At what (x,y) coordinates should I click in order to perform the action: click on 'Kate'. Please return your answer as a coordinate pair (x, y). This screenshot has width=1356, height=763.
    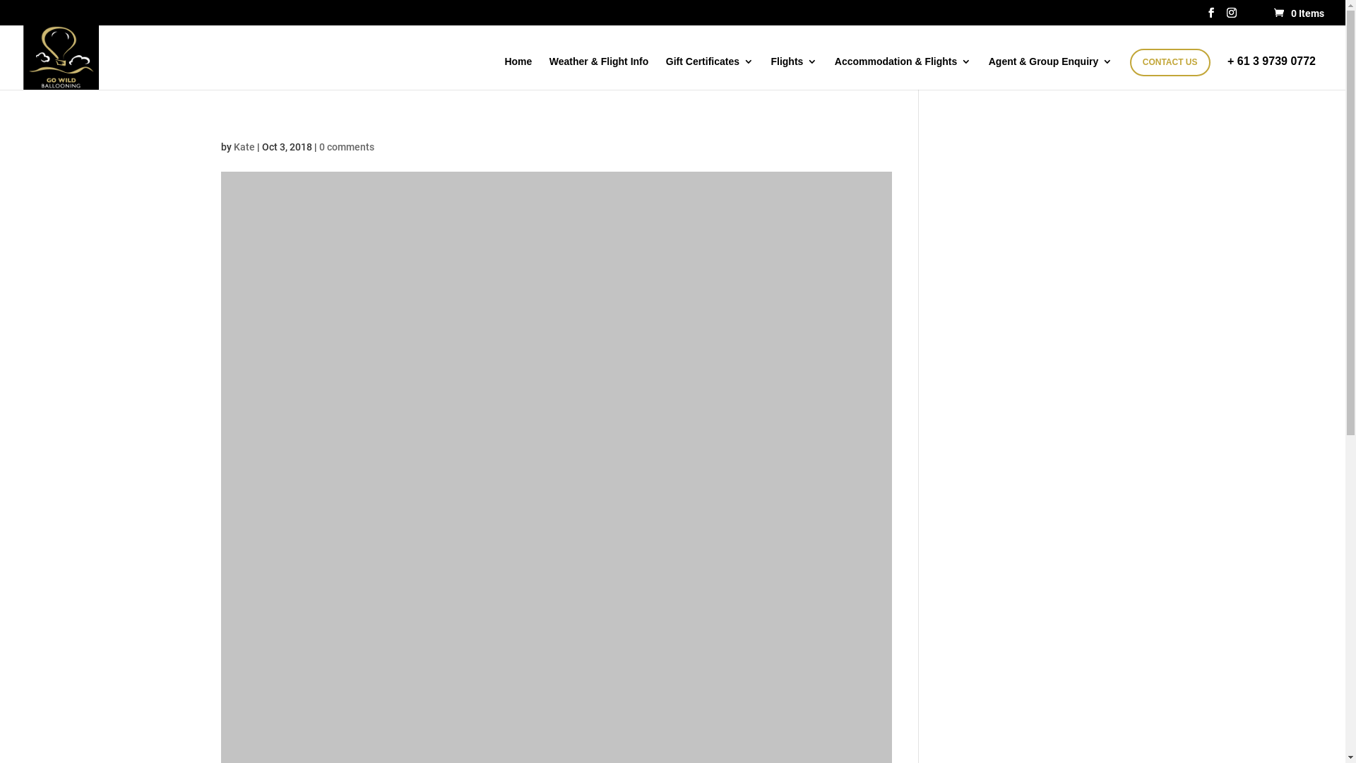
    Looking at the image, I should click on (244, 147).